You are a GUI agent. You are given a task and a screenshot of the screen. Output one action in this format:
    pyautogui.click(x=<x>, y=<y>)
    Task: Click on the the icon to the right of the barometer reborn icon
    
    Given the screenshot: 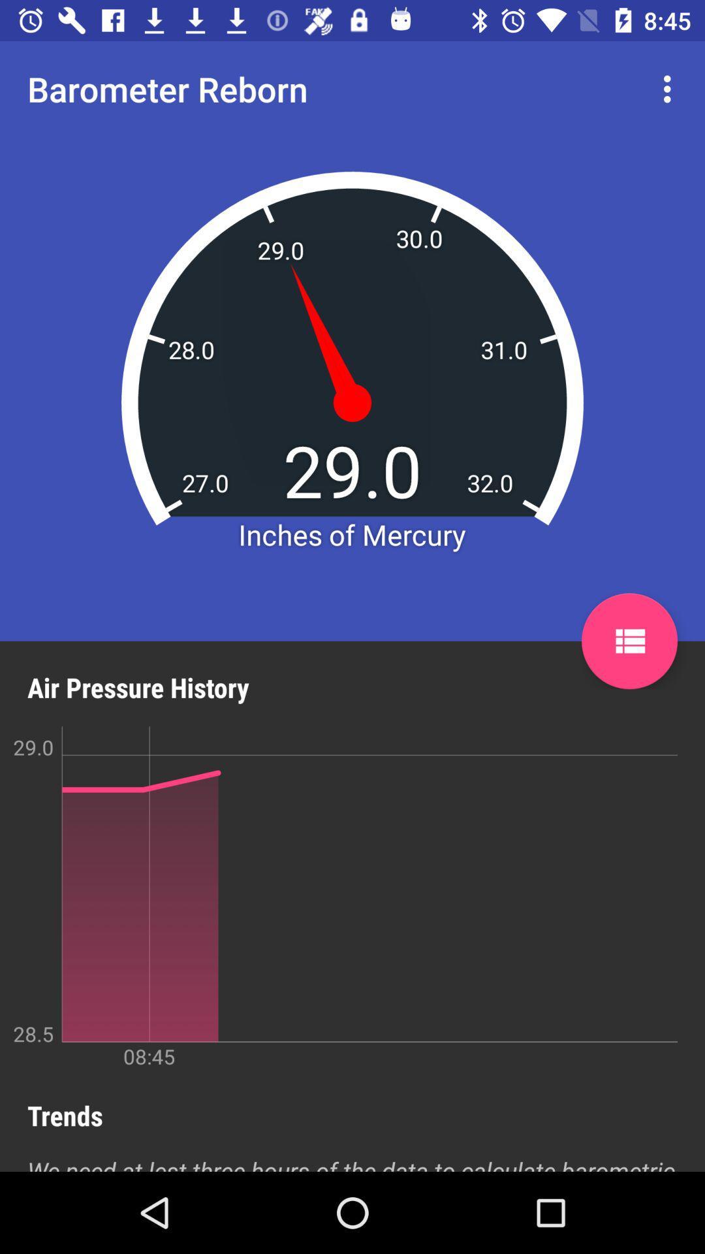 What is the action you would take?
    pyautogui.click(x=670, y=88)
    